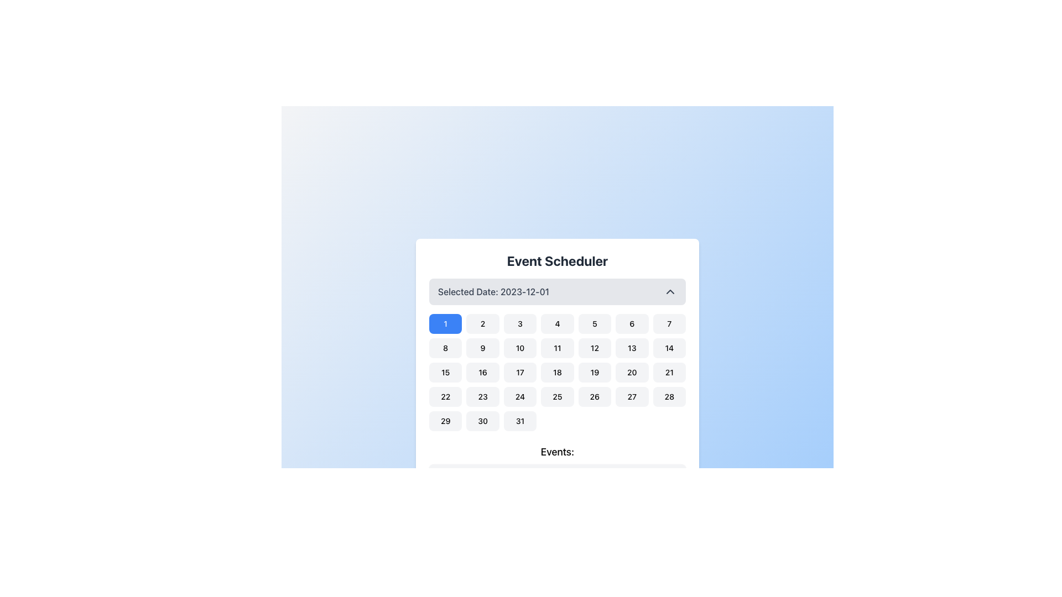  What do you see at coordinates (483, 347) in the screenshot?
I see `the ninth cell in the calendar grid` at bounding box center [483, 347].